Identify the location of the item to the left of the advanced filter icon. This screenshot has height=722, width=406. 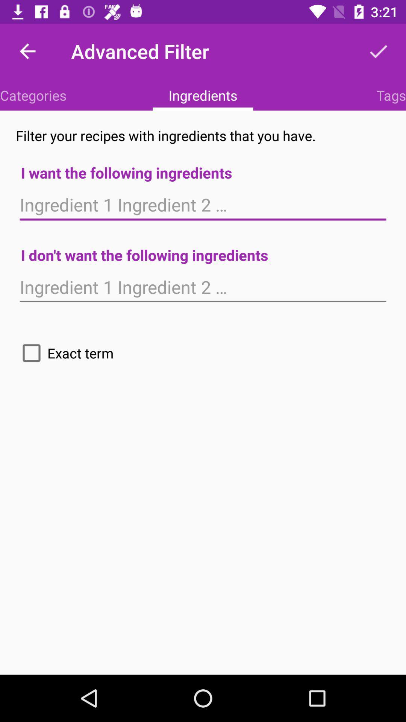
(27, 51).